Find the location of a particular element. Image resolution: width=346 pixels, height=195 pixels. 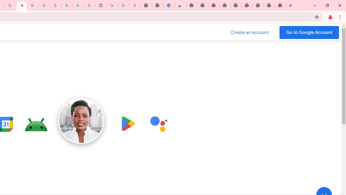

'Settings - Accessibility' is located at coordinates (169, 5).